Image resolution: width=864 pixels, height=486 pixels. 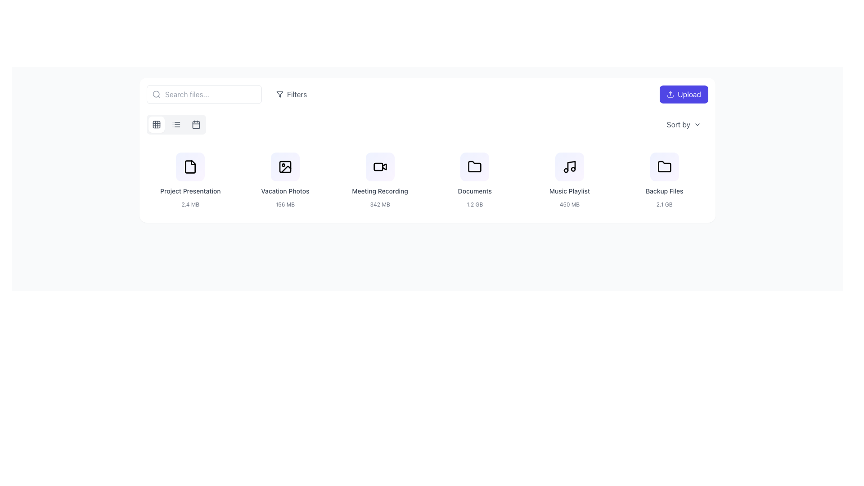 I want to click on the 'Upload' text label within the purple button located in the top-right corner of the interface, so click(x=689, y=94).